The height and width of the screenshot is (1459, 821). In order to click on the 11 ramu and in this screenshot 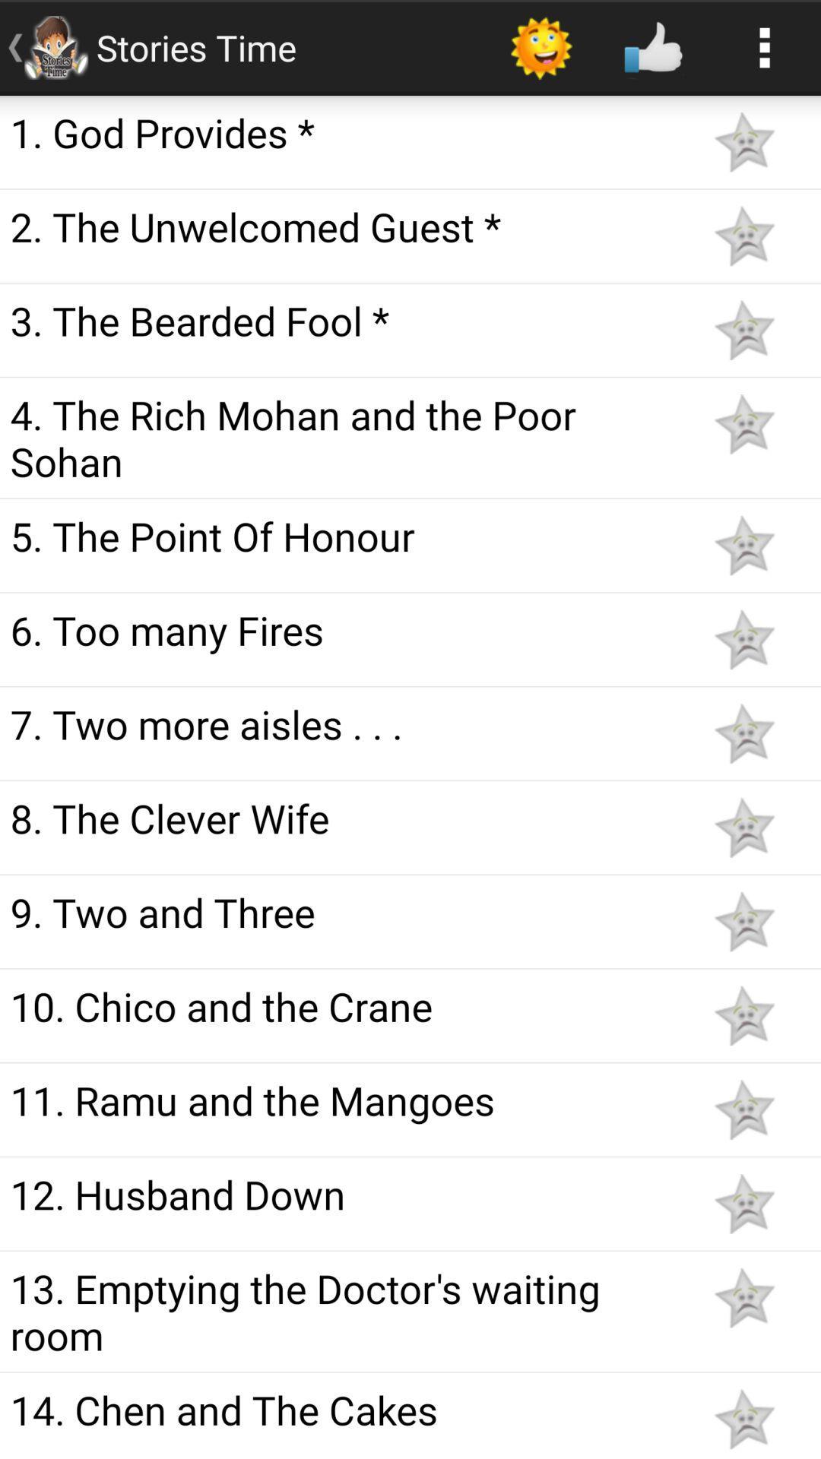, I will do `click(344, 1100)`.